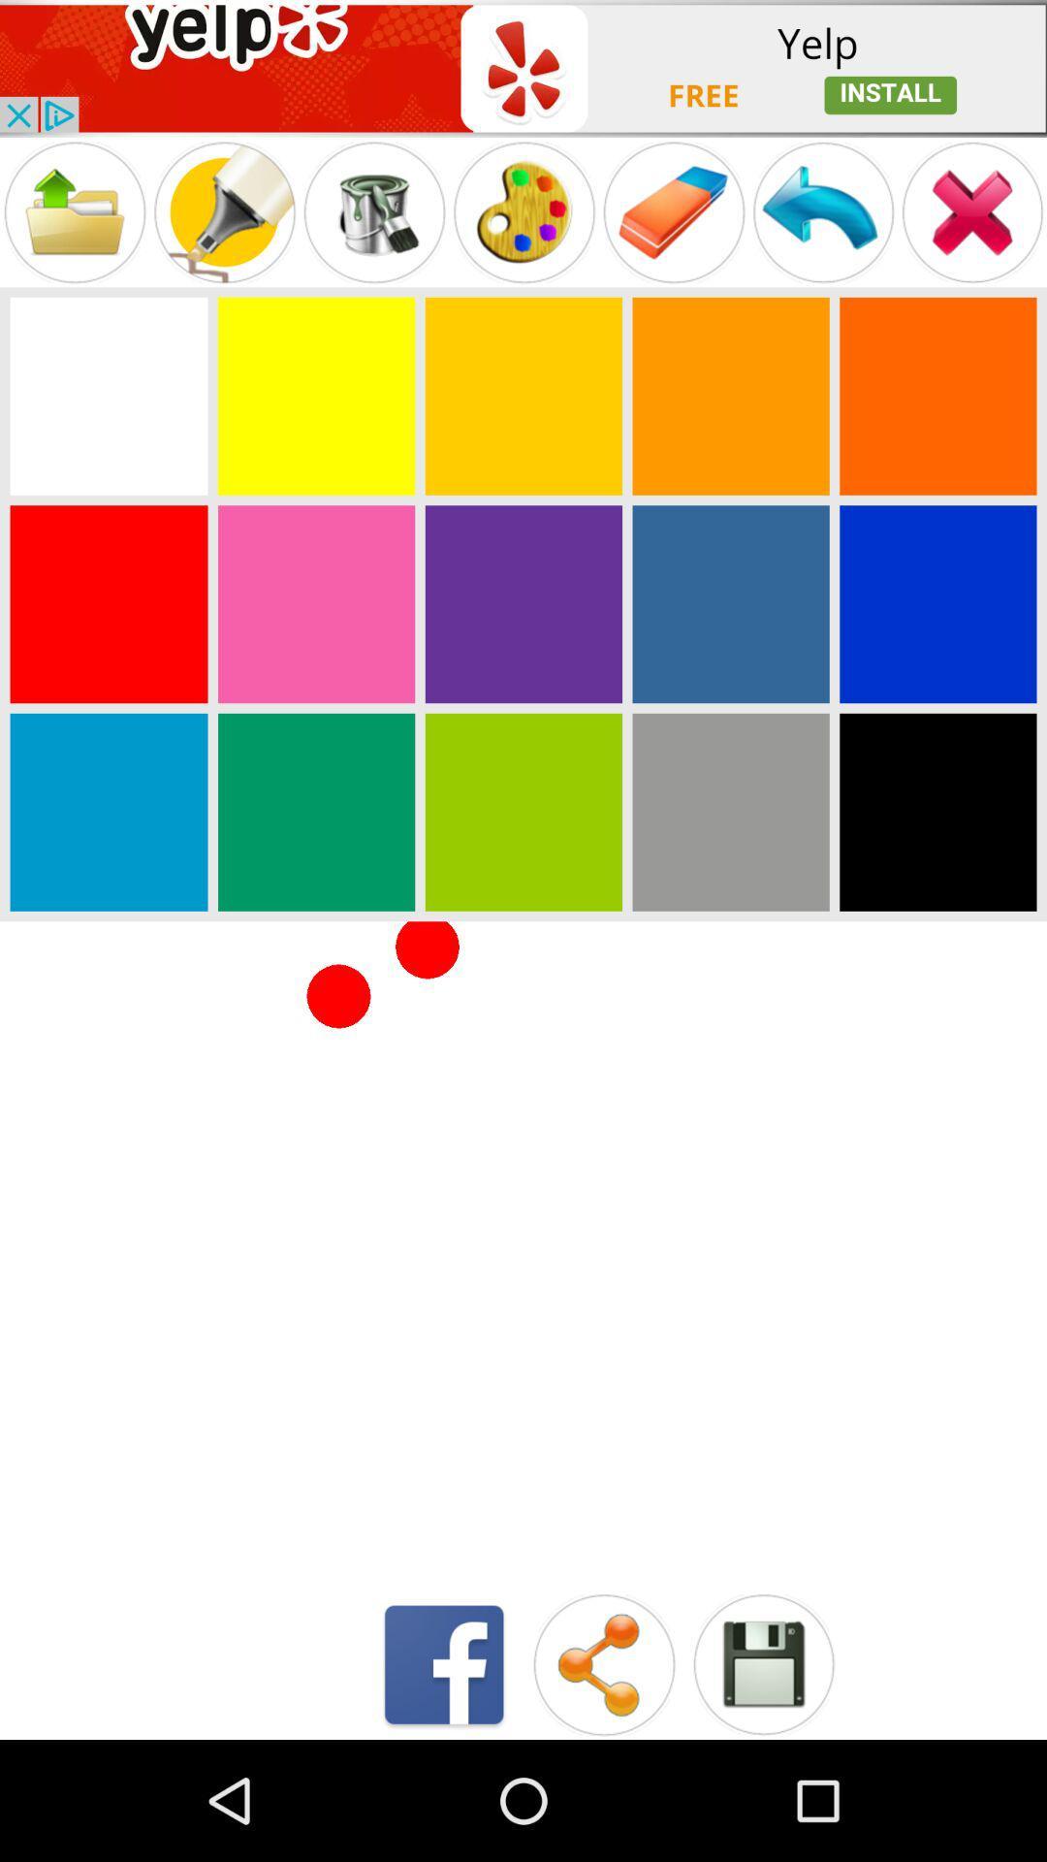  I want to click on switch to close, so click(972, 212).